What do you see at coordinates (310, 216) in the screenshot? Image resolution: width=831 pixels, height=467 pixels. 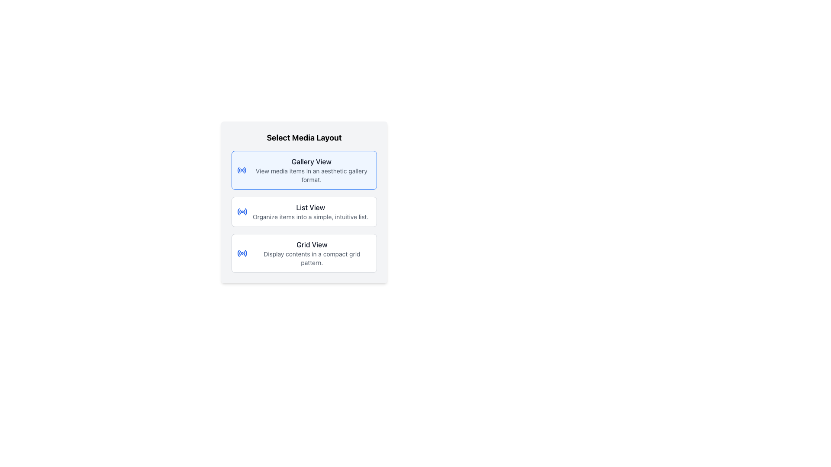 I see `auxiliary text description stating 'Organize items into a simple, intuitive list.' located below the 'List View' title in a small, gray font` at bounding box center [310, 216].